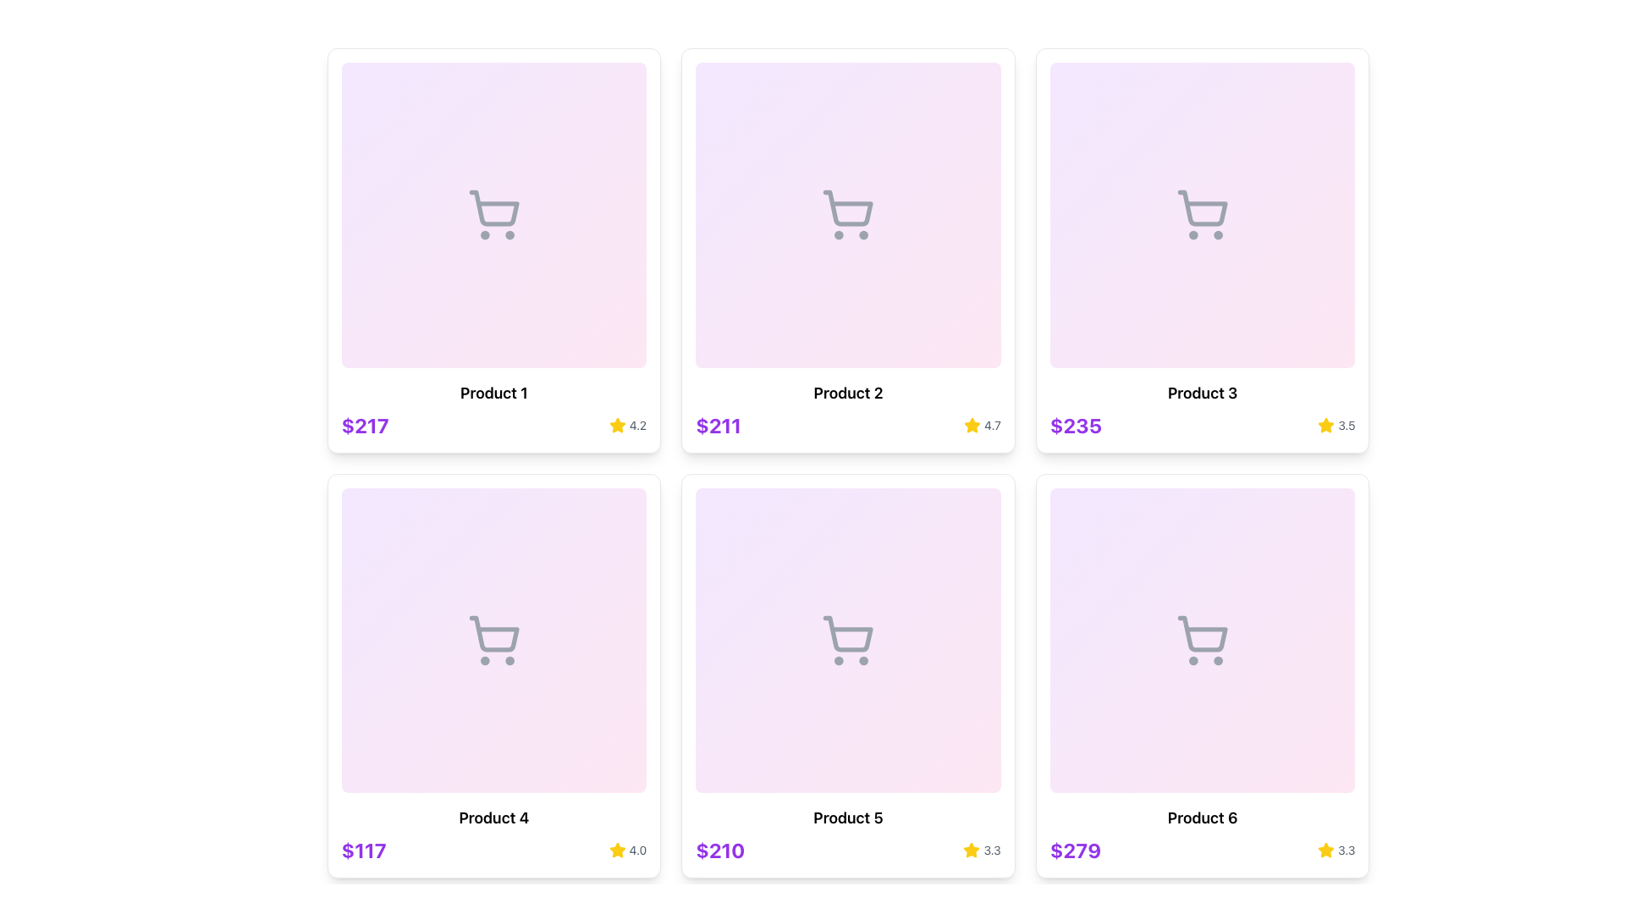 The image size is (1625, 914). I want to click on the icon representing Product 2, which is located in the middle of the top row of a grid layout and is centered above the product's name and price, so click(848, 214).